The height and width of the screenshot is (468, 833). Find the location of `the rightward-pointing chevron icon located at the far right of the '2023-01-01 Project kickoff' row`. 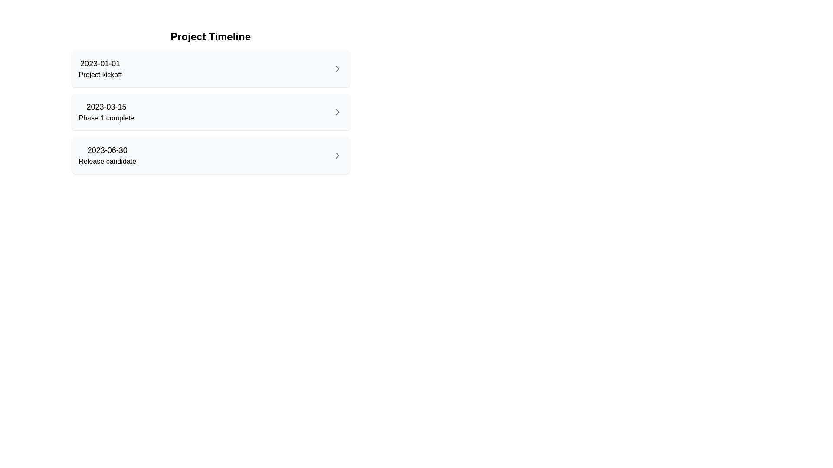

the rightward-pointing chevron icon located at the far right of the '2023-01-01 Project kickoff' row is located at coordinates (337, 68).